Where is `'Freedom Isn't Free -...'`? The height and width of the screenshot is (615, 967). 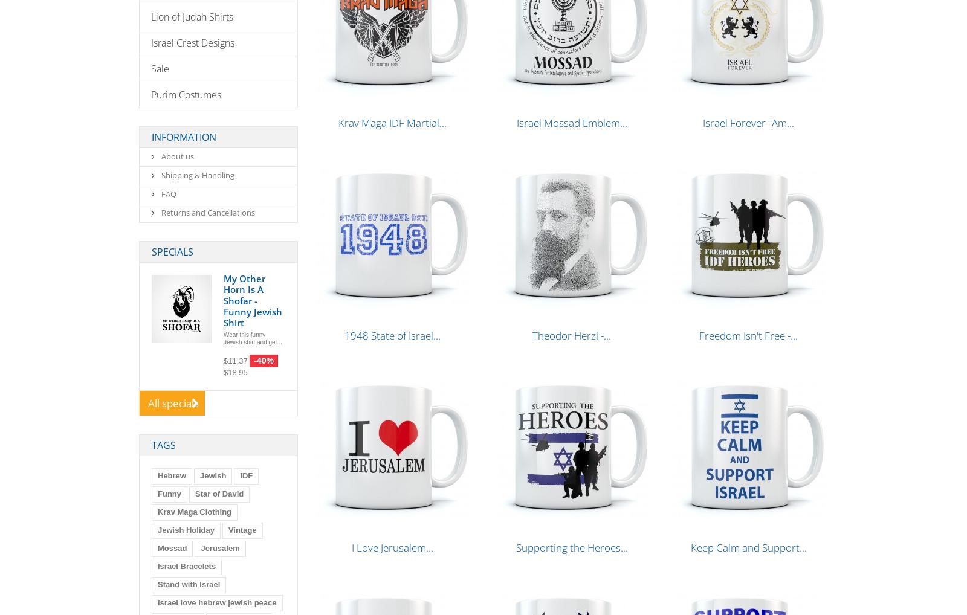 'Freedom Isn't Free -...' is located at coordinates (748, 334).